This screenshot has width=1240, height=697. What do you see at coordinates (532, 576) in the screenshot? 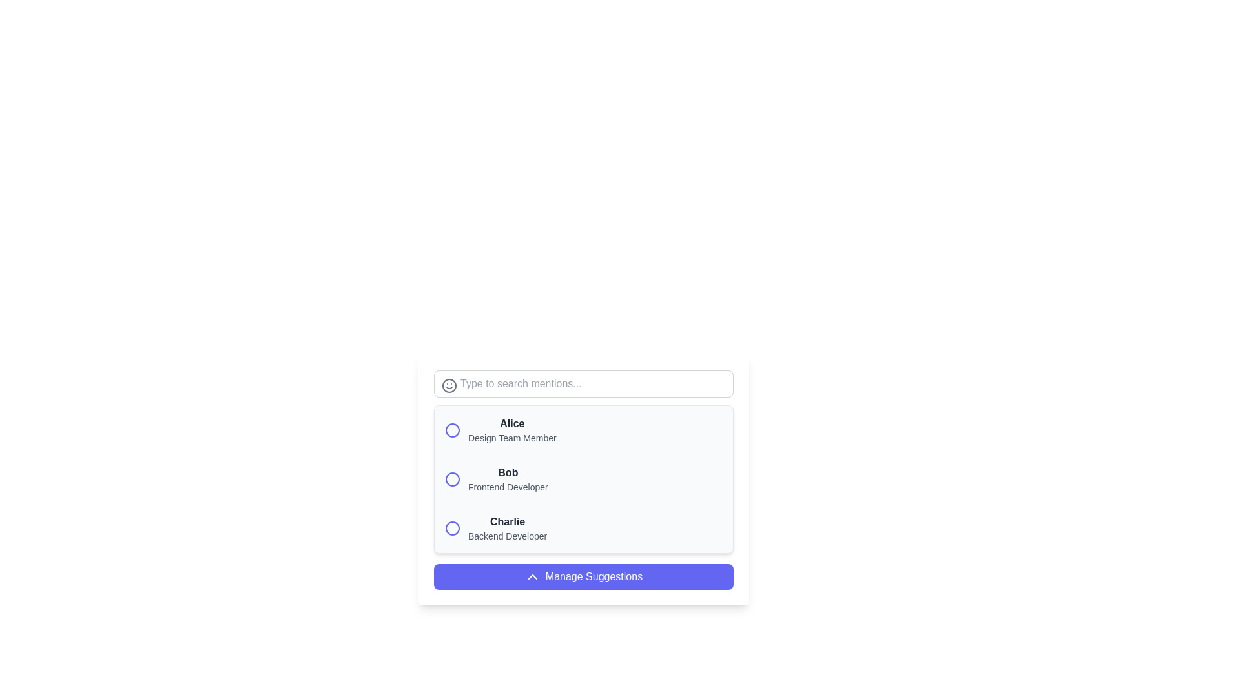
I see `the icon located to the left of the 'Manage Suggestions' button, which serves as an indicator for expandable functionality` at bounding box center [532, 576].